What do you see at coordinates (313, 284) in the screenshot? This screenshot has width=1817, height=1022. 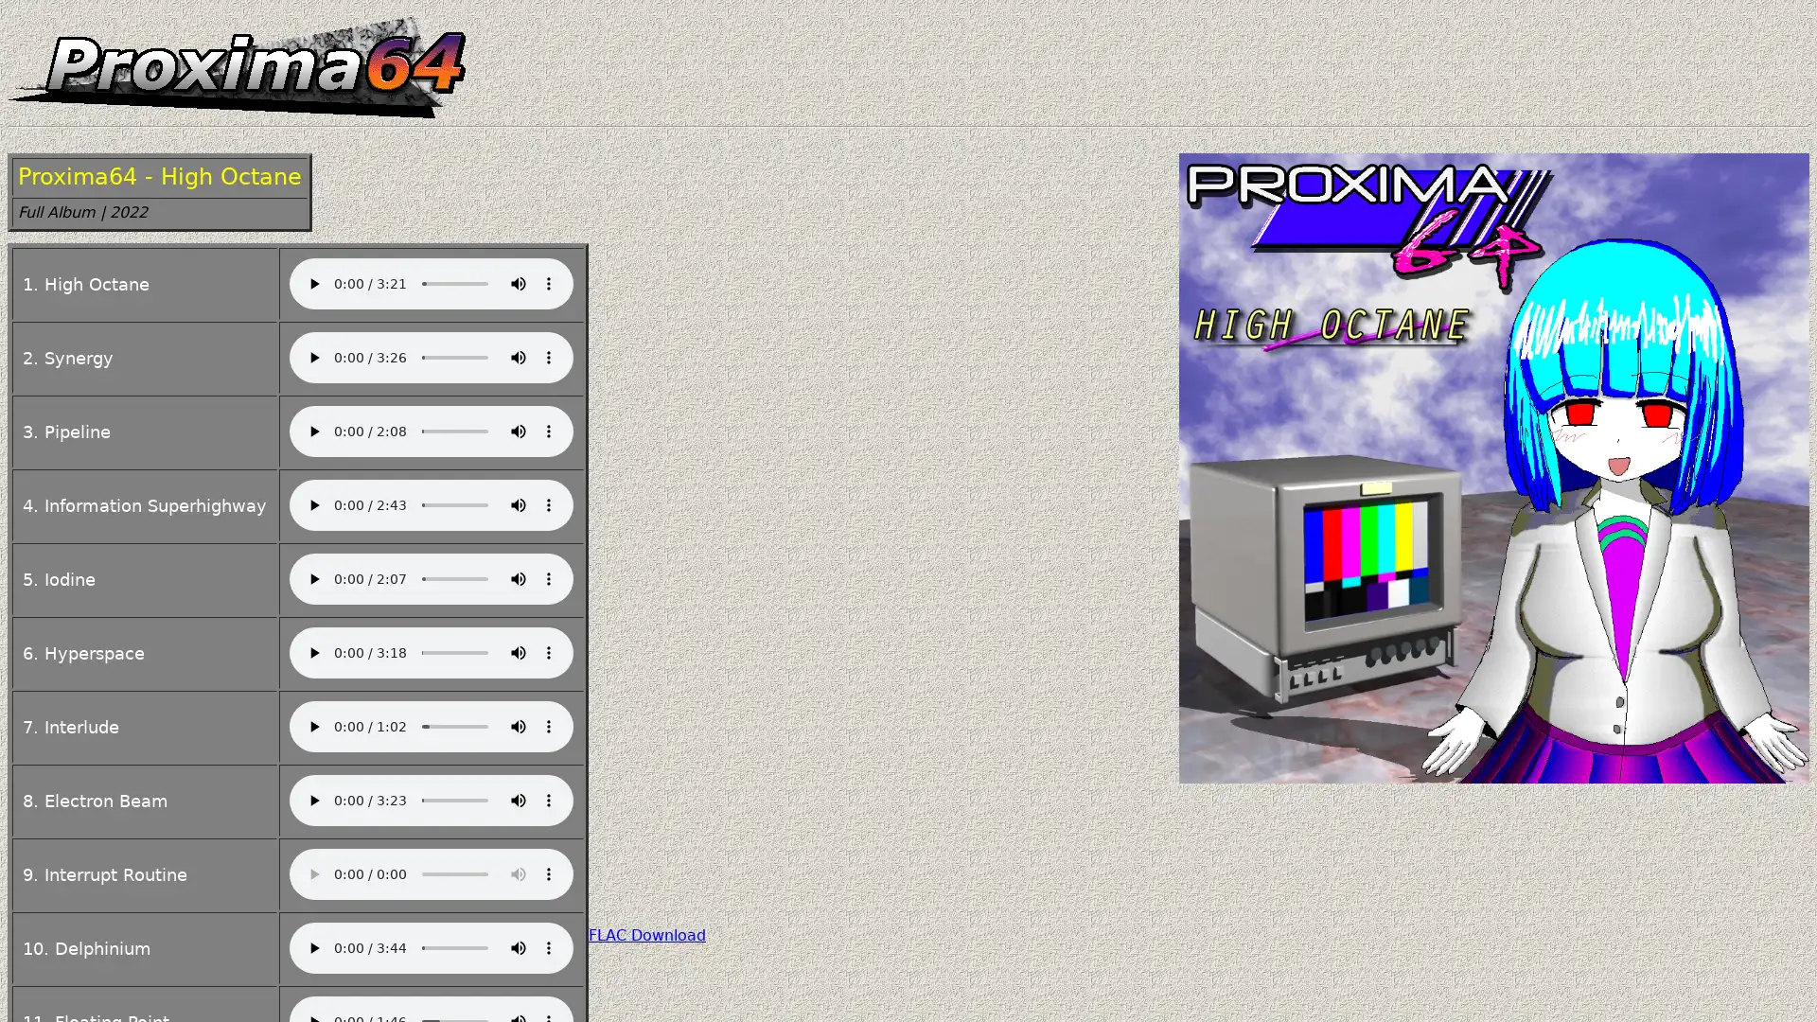 I see `play` at bounding box center [313, 284].